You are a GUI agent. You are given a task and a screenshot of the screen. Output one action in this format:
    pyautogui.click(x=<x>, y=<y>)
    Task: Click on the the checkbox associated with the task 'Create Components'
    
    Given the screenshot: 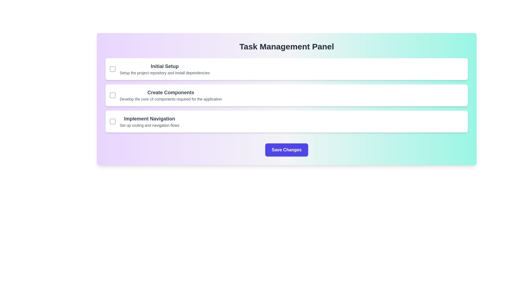 What is the action you would take?
    pyautogui.click(x=112, y=95)
    